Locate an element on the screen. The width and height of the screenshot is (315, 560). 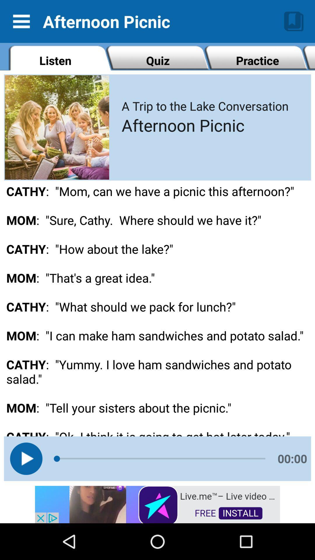
audio is located at coordinates (26, 458).